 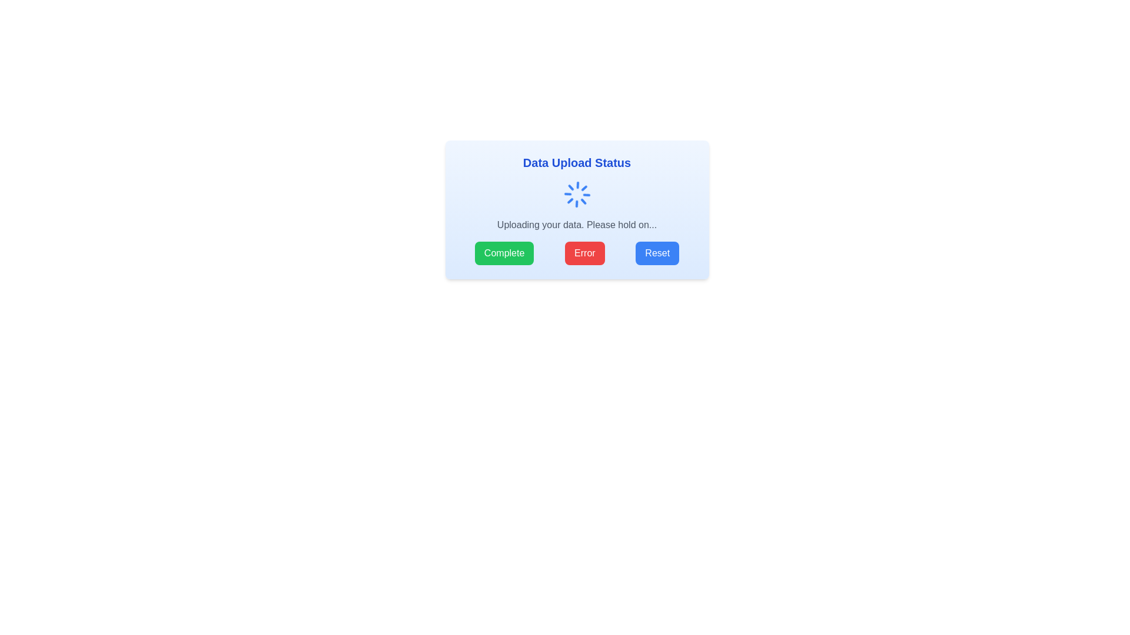 What do you see at coordinates (577, 225) in the screenshot?
I see `the text component displaying the message 'Uploading your data. Please hold on…' which is located within the 'Data Upload Status' box, positioned below a spinning loader and above the buttons 'Complete', 'Error', and 'Reset'` at bounding box center [577, 225].